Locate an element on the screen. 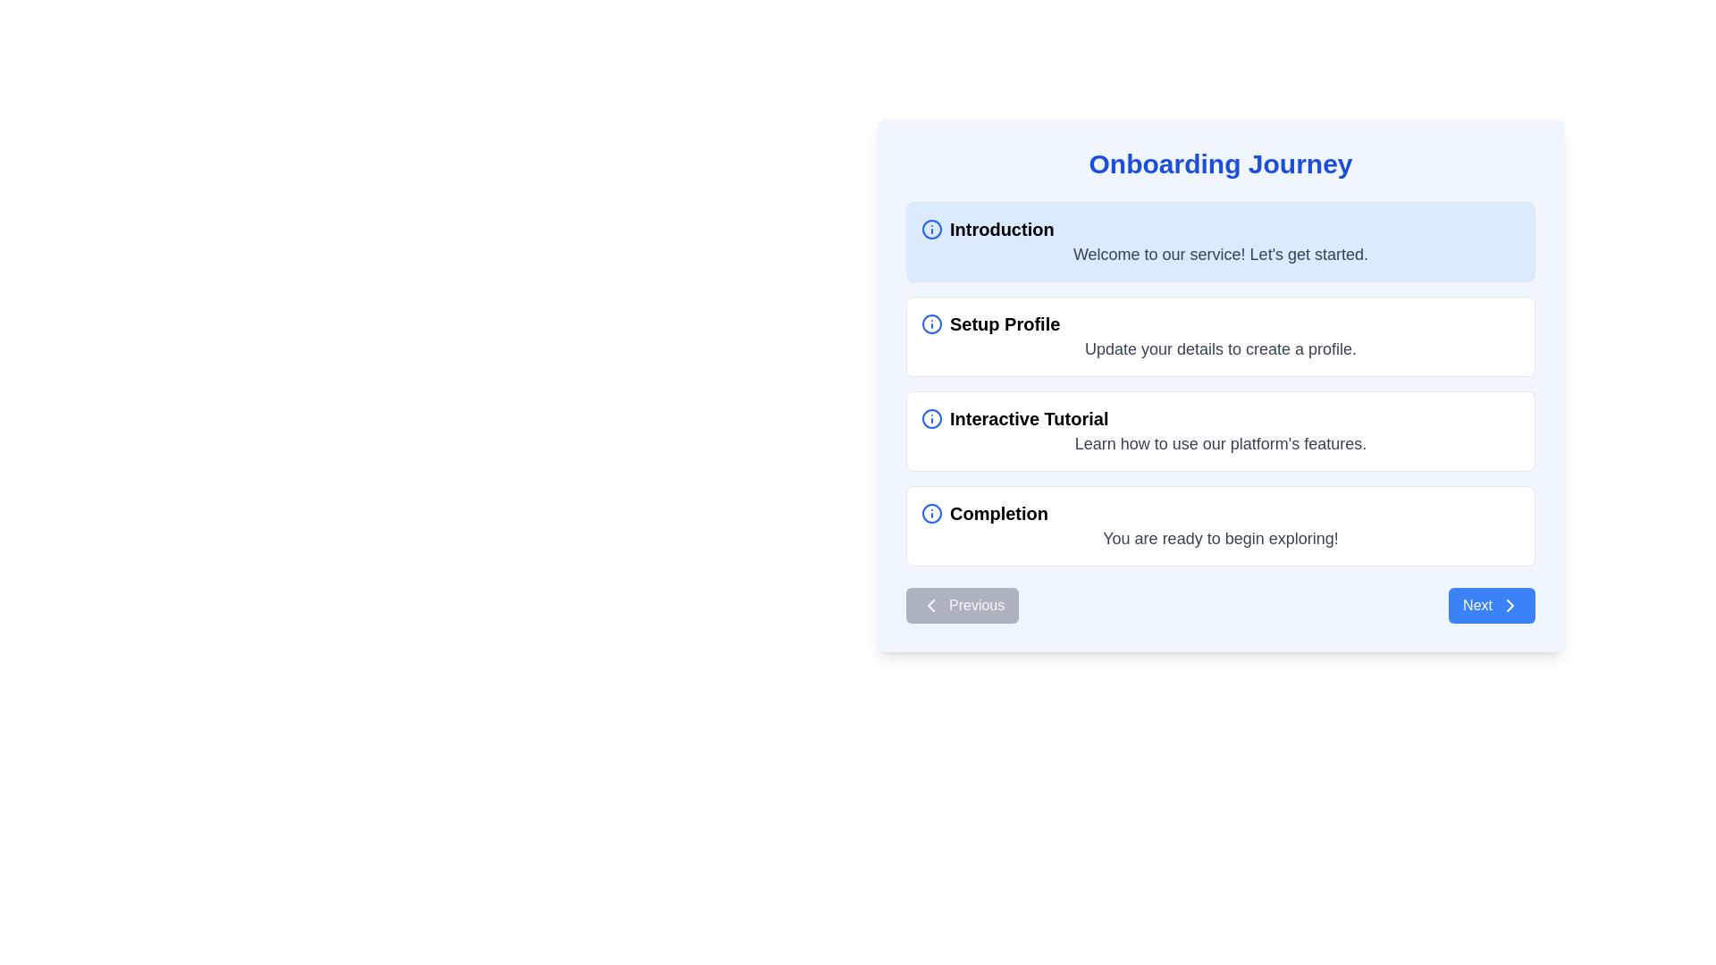  the informational icon located at the top left corner of the 'Introduction' card in the onboarding interface, adjacent to the 'Introduction' label text is located at coordinates (930, 229).